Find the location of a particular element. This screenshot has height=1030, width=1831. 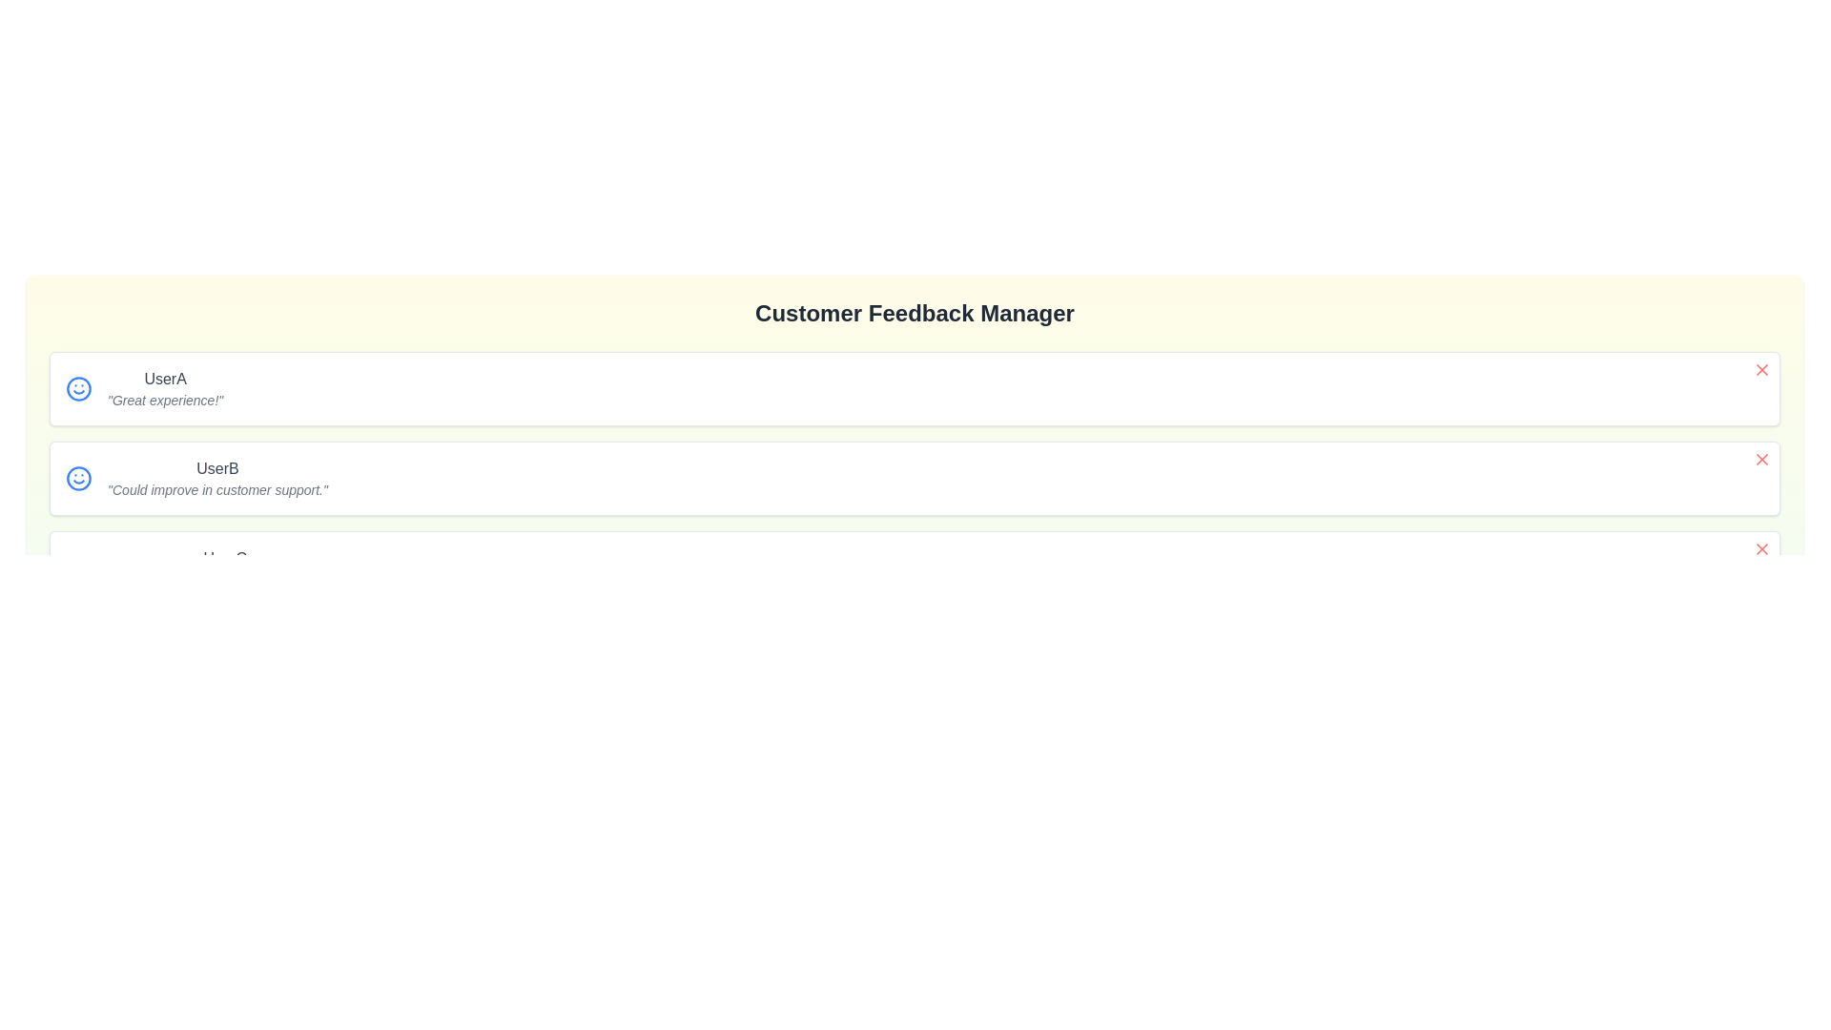

the feedback entry for user UserC is located at coordinates (1761, 548).